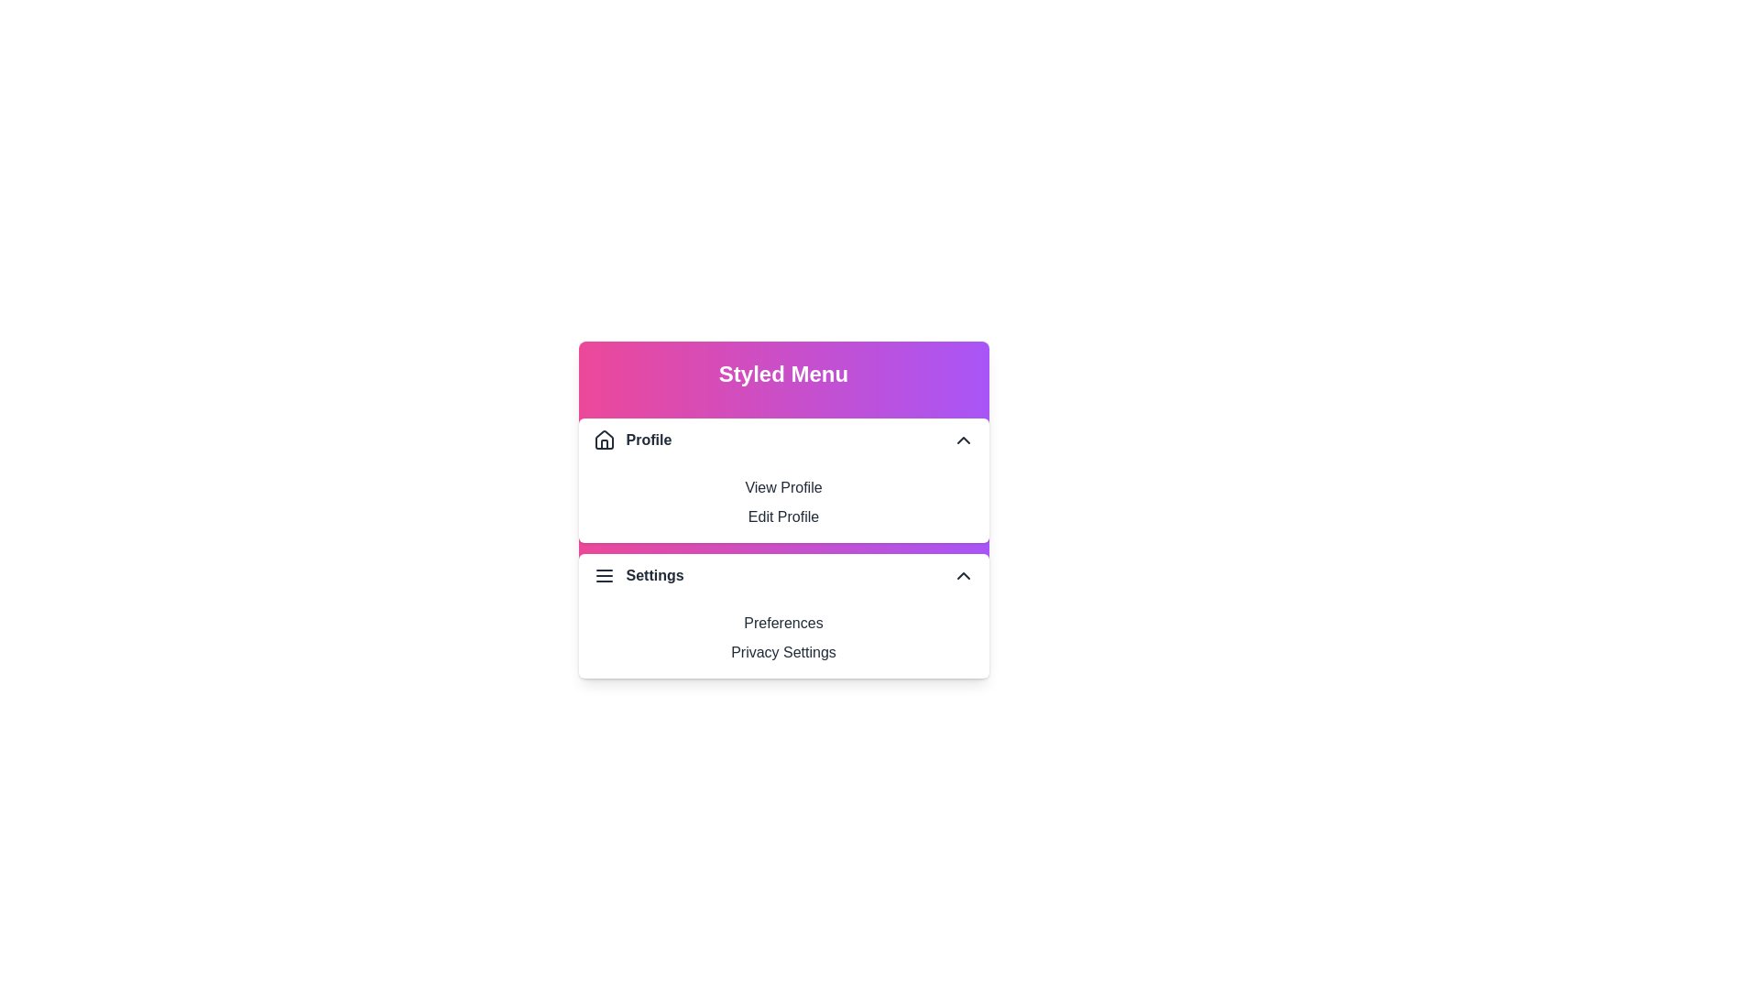 The width and height of the screenshot is (1759, 989). What do you see at coordinates (783, 652) in the screenshot?
I see `the menu option Privacy Settings from the StyledMenu` at bounding box center [783, 652].